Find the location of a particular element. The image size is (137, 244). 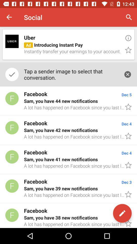

the edit icon is located at coordinates (122, 213).